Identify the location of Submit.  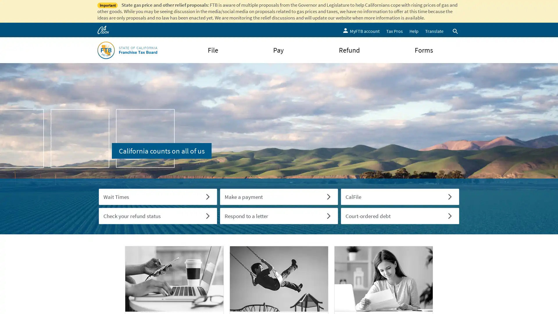
(439, 69).